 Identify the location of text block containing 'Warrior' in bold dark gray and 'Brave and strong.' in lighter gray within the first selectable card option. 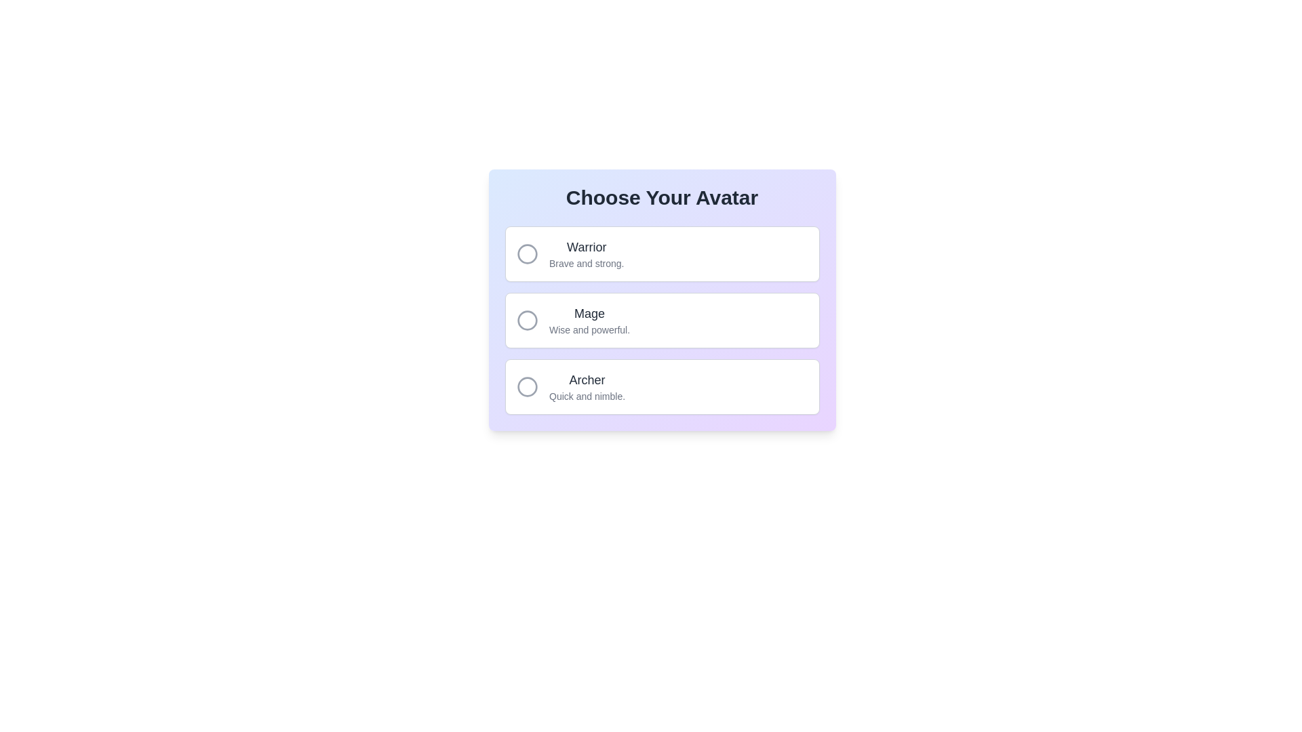
(586, 253).